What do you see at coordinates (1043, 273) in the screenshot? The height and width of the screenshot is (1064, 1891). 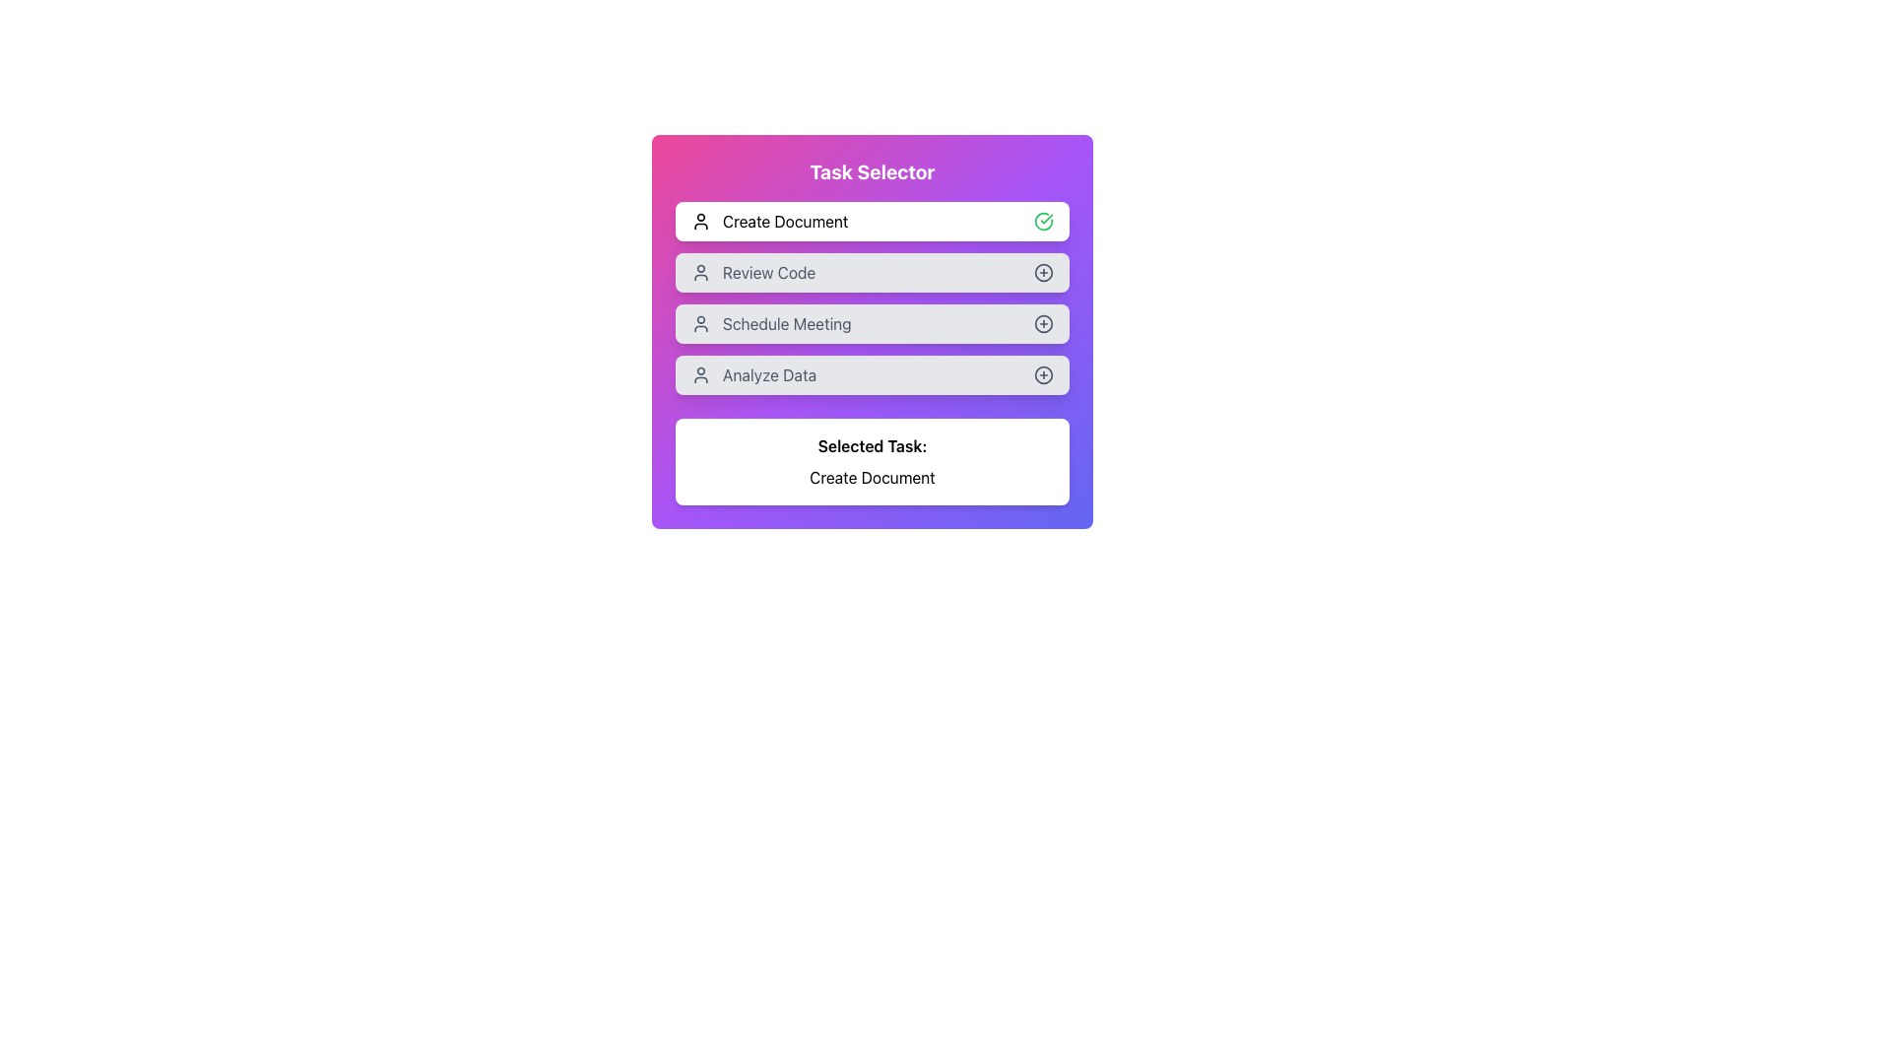 I see `the circular Action Icon with a '+' symbol inside, located at the far right end of the 'Review Code' task entry to initiate its associated action` at bounding box center [1043, 273].